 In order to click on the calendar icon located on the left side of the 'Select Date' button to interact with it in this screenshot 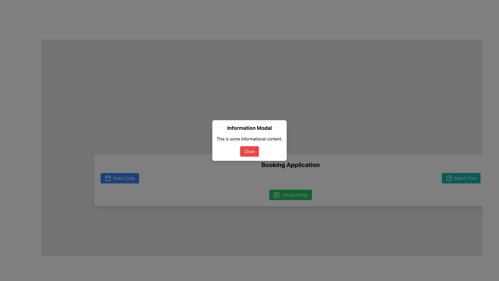, I will do `click(107, 178)`.